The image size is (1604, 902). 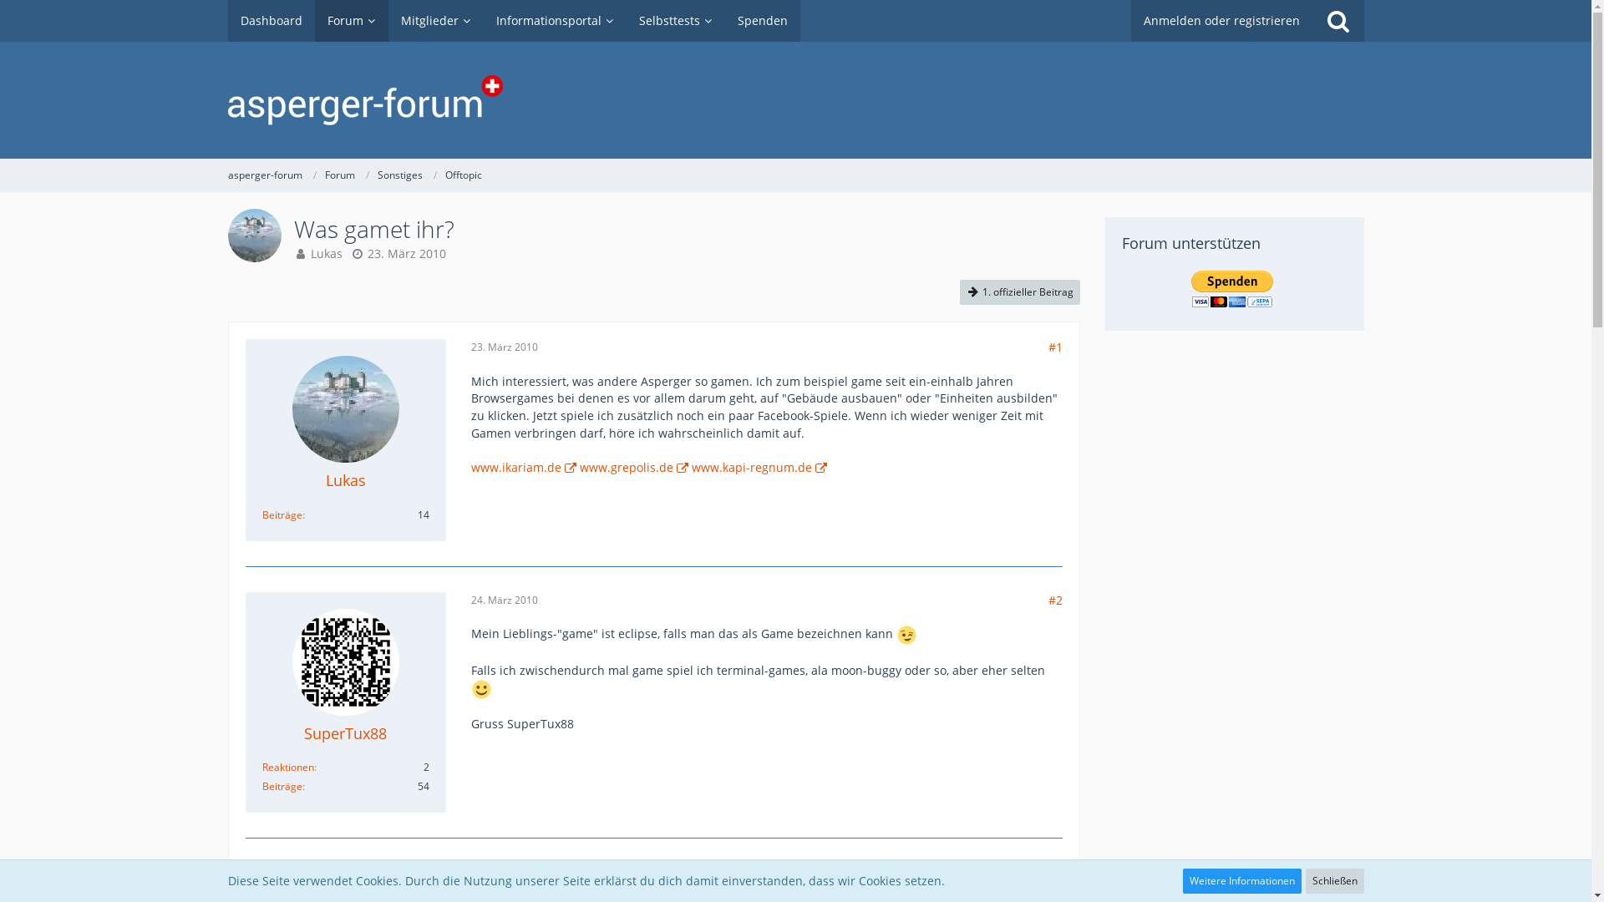 What do you see at coordinates (1182, 880) in the screenshot?
I see `'Weitere Informationen'` at bounding box center [1182, 880].